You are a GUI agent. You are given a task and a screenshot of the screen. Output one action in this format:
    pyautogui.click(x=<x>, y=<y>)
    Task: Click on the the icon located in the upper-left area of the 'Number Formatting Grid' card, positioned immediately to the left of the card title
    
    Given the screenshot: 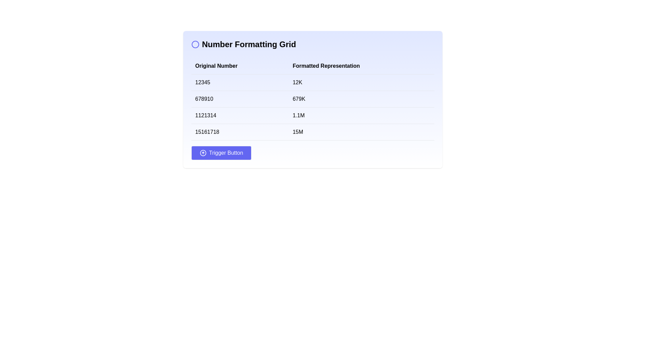 What is the action you would take?
    pyautogui.click(x=195, y=44)
    